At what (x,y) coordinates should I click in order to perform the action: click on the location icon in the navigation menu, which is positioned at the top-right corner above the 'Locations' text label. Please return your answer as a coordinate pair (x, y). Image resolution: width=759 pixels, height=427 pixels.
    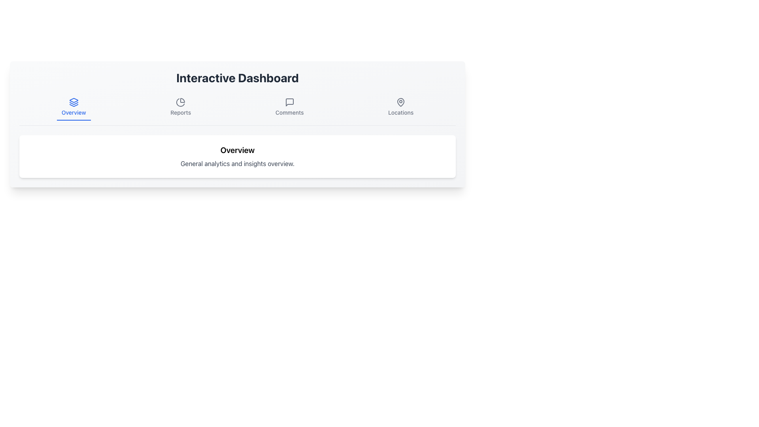
    Looking at the image, I should click on (401, 102).